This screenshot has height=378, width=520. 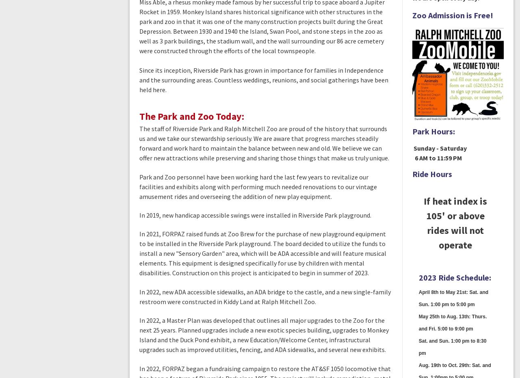 I want to click on 'In 2022, new ADA accessible sidewalks, an ADA bridge to the castle, and a new single-family restroom were constructed in Kiddy Land at Ralph Mitchell Zoo.', so click(x=265, y=296).